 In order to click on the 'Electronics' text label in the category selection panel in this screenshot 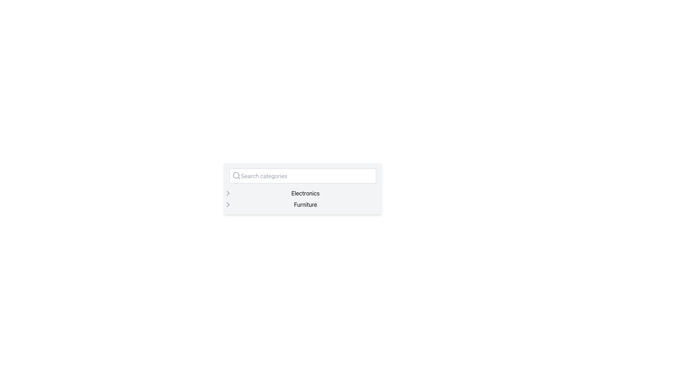, I will do `click(303, 193)`.